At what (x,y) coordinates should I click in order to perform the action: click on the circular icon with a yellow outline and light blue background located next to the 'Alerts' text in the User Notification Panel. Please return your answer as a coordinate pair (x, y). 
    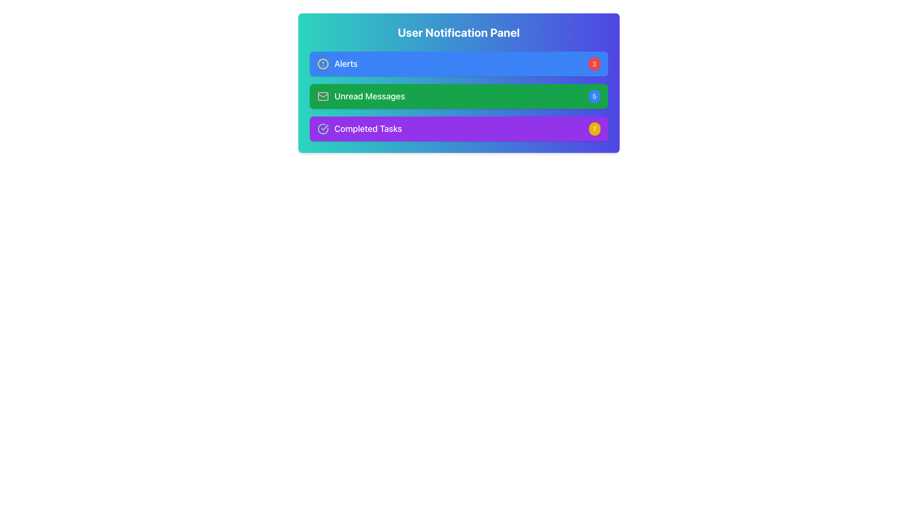
    Looking at the image, I should click on (323, 64).